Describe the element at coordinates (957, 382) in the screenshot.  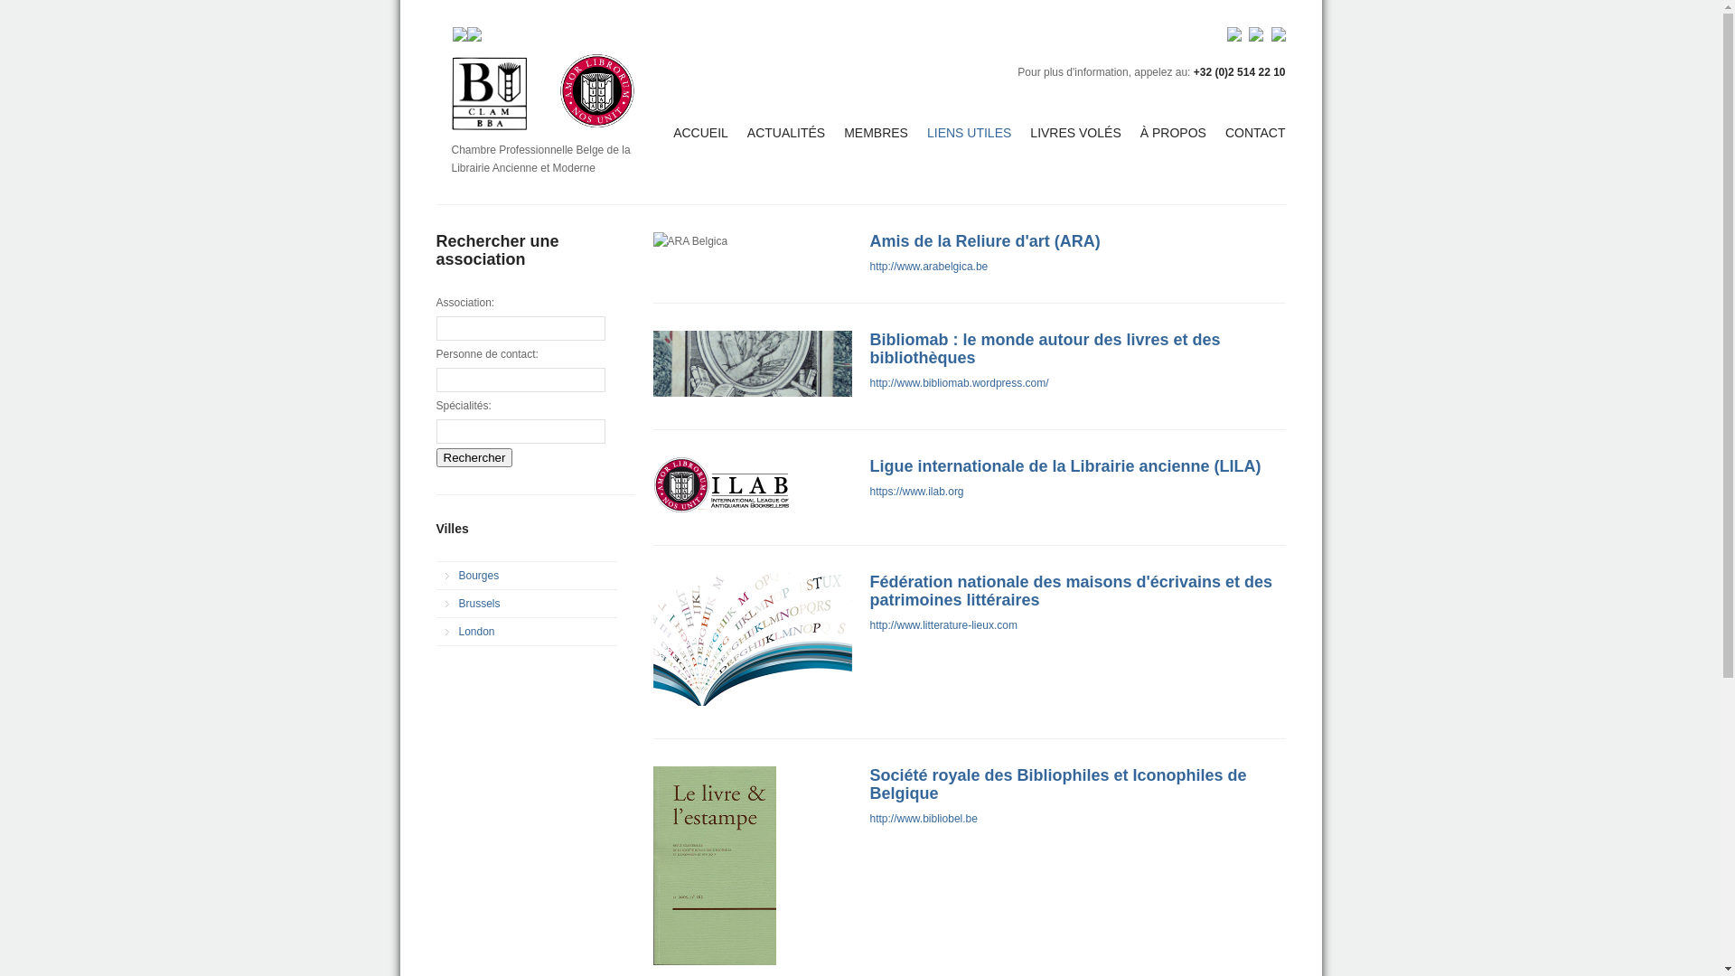
I see `'http://www.bibliomab.wordpress.com/'` at that location.